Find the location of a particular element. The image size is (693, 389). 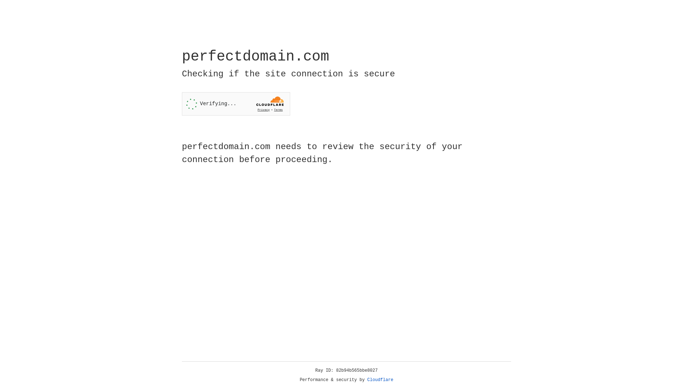

'Widget containing a Cloudflare security challenge' is located at coordinates (236, 104).